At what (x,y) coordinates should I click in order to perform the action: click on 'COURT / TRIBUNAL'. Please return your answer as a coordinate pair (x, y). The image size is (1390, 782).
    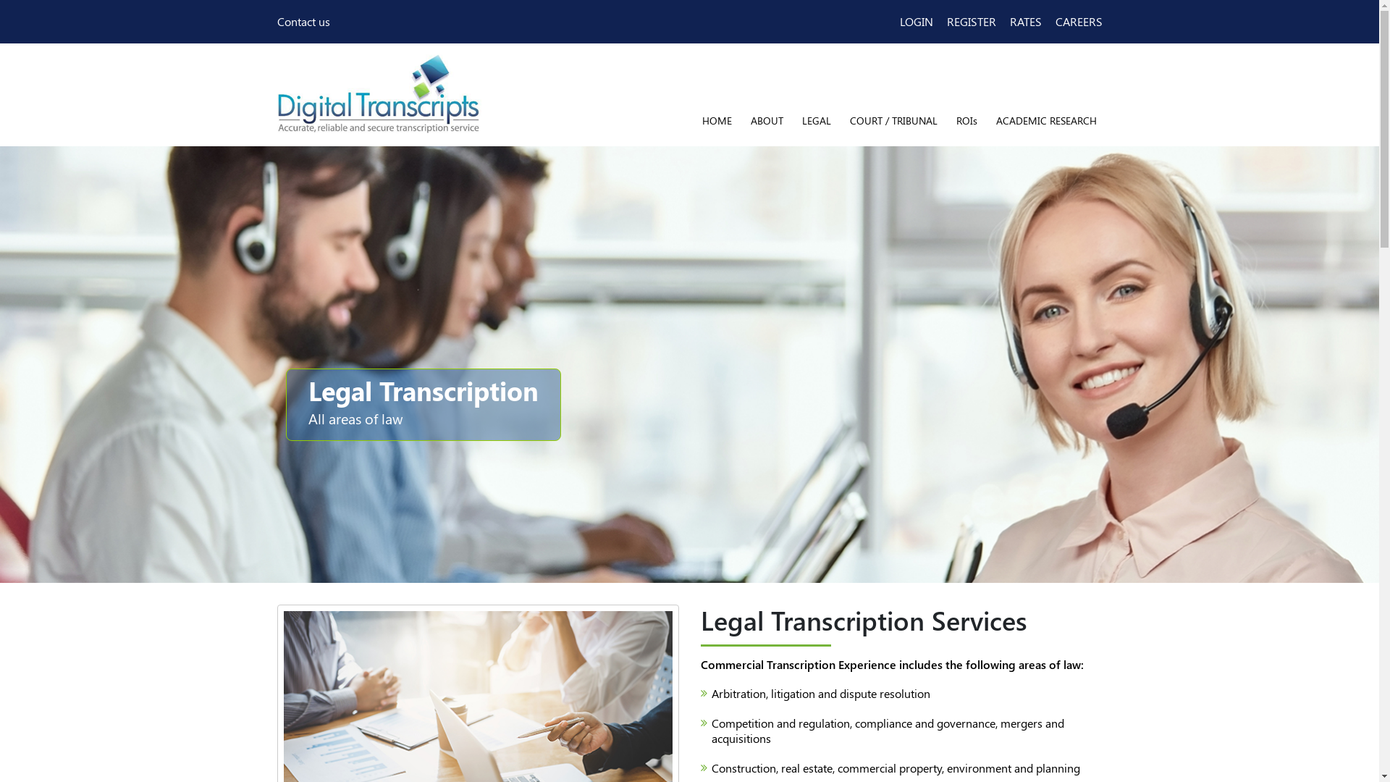
    Looking at the image, I should click on (893, 119).